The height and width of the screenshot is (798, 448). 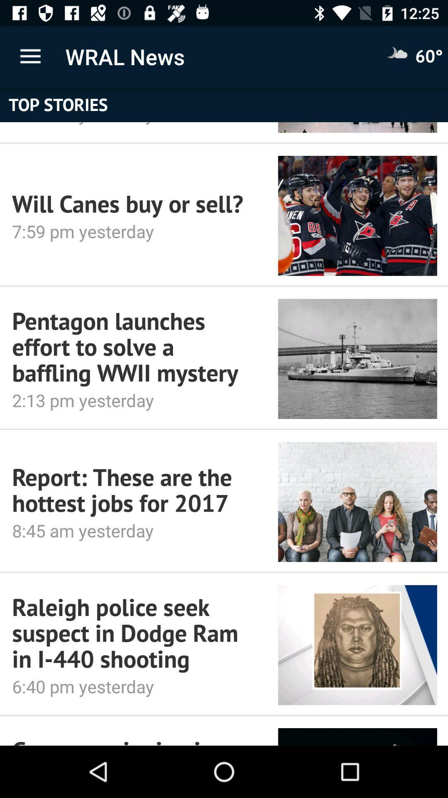 I want to click on item below the will canes buy icon, so click(x=127, y=231).